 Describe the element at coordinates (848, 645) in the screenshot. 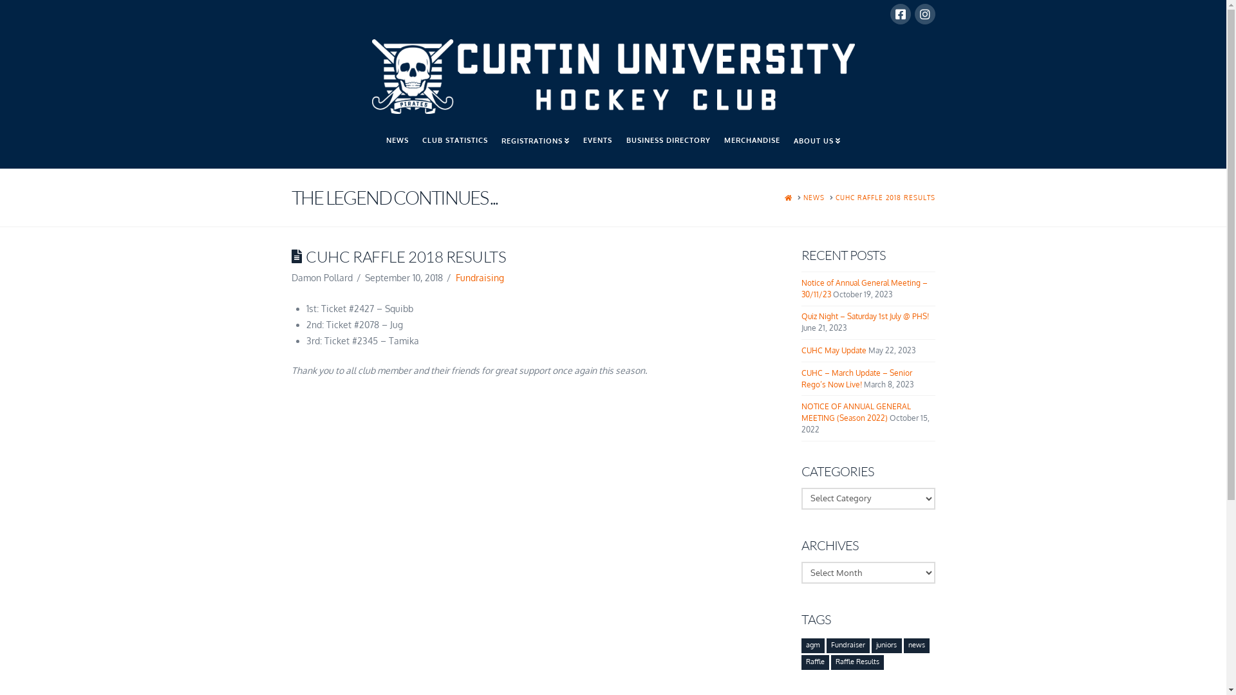

I see `'Fundraiser'` at that location.